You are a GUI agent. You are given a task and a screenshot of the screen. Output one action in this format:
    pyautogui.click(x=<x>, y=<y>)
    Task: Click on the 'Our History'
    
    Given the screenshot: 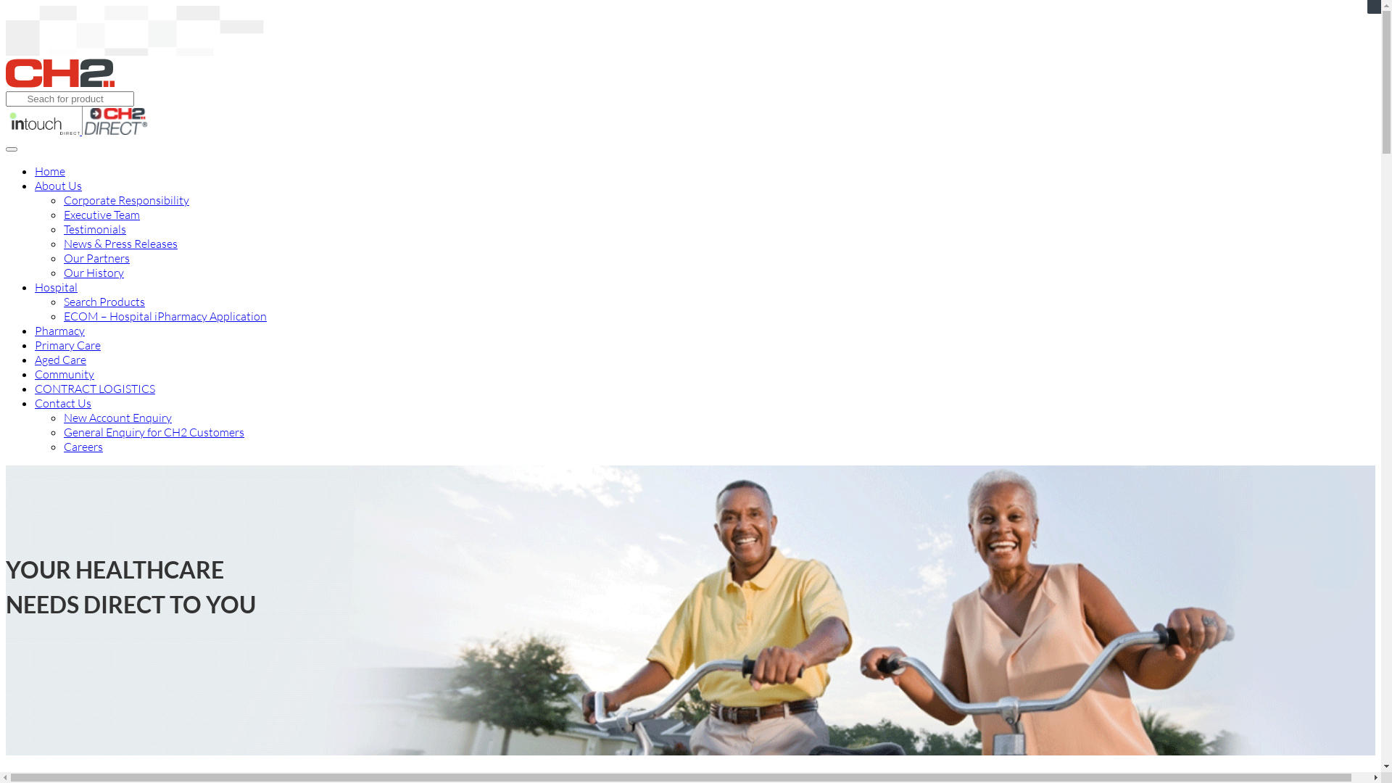 What is the action you would take?
    pyautogui.click(x=93, y=272)
    